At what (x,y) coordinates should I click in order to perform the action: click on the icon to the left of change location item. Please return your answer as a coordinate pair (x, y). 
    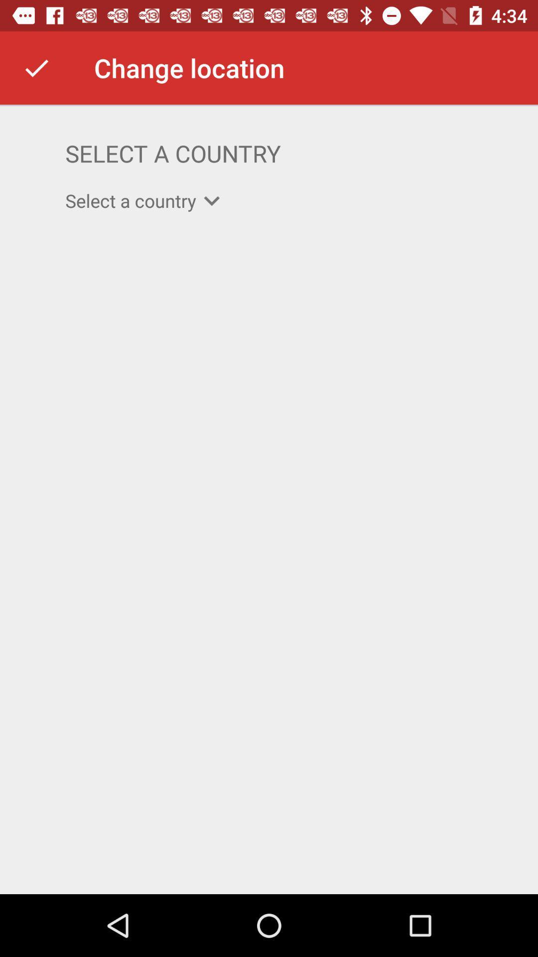
    Looking at the image, I should click on (36, 67).